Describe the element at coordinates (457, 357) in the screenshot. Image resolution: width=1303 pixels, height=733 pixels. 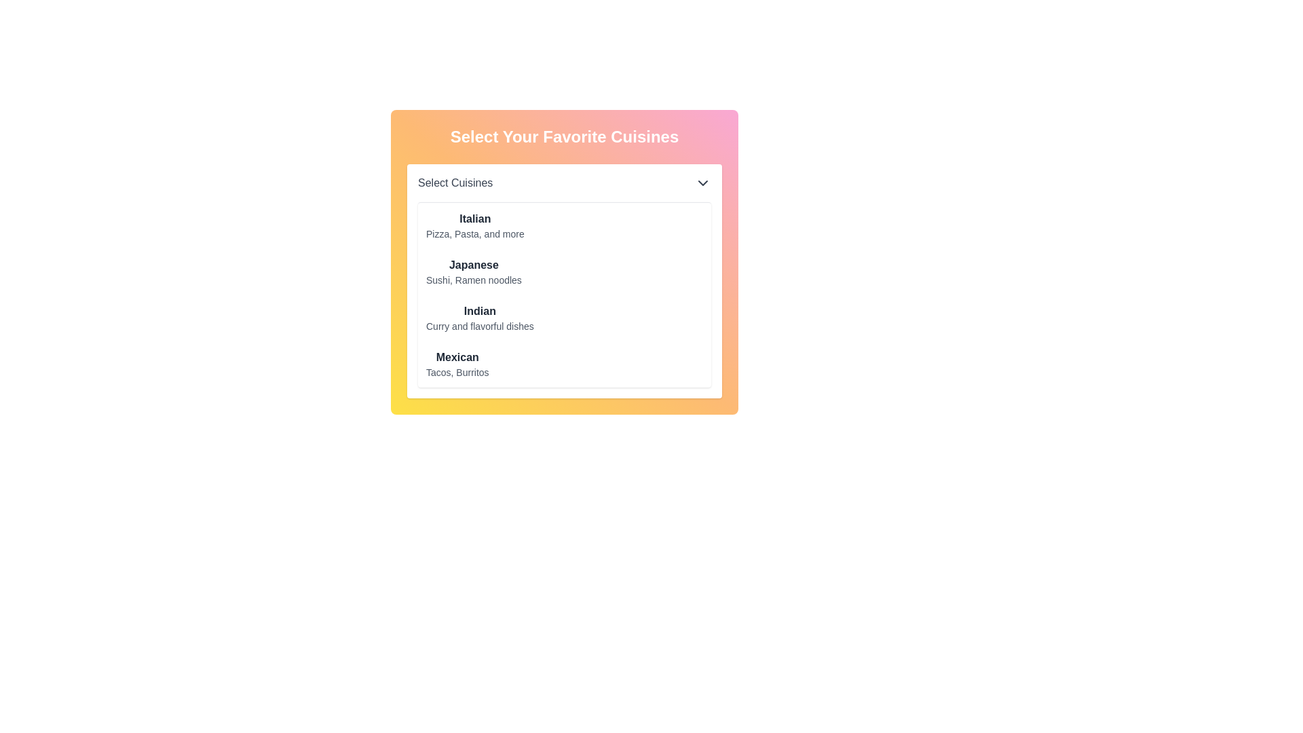
I see `the static textual label that identifies the 'Mexican' cuisine category within the dropdown list, which is positioned above the description 'Tacos, Burritos'` at that location.